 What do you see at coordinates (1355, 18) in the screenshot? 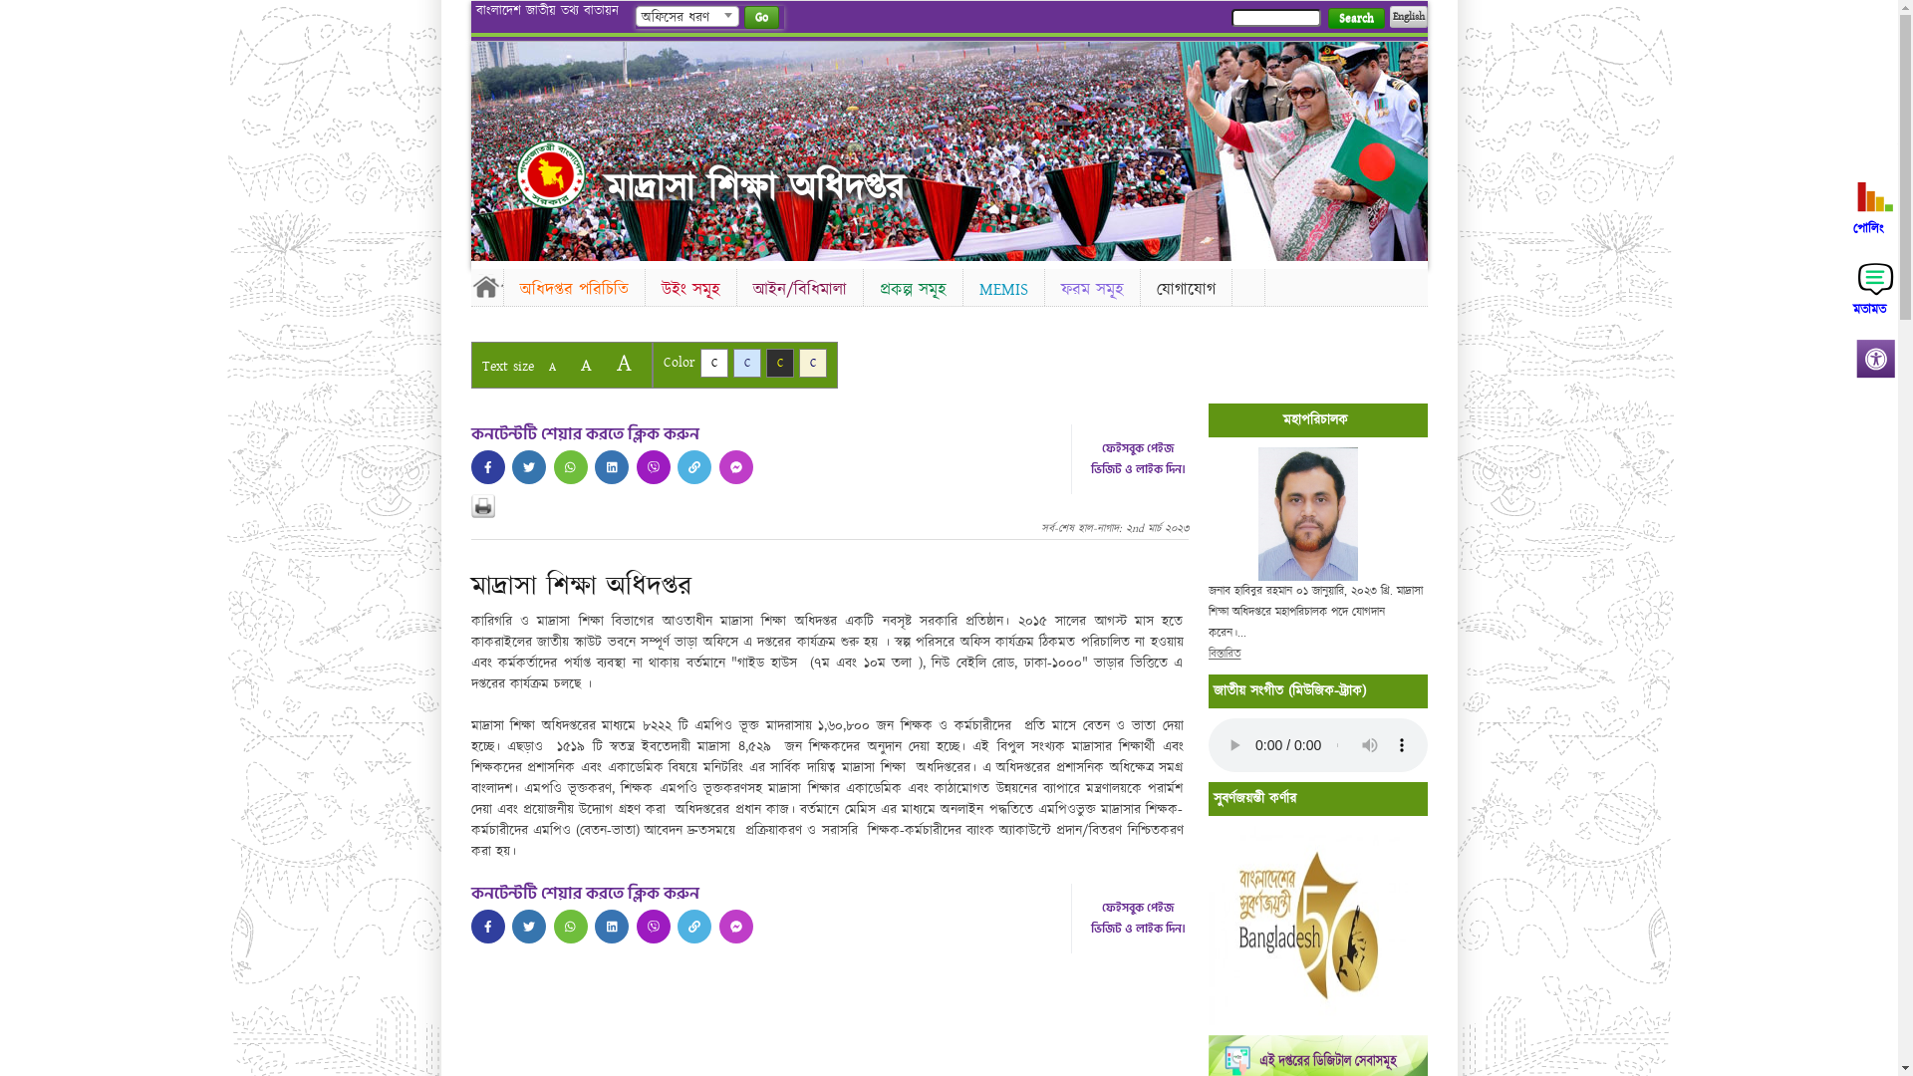
I see `'Search'` at bounding box center [1355, 18].